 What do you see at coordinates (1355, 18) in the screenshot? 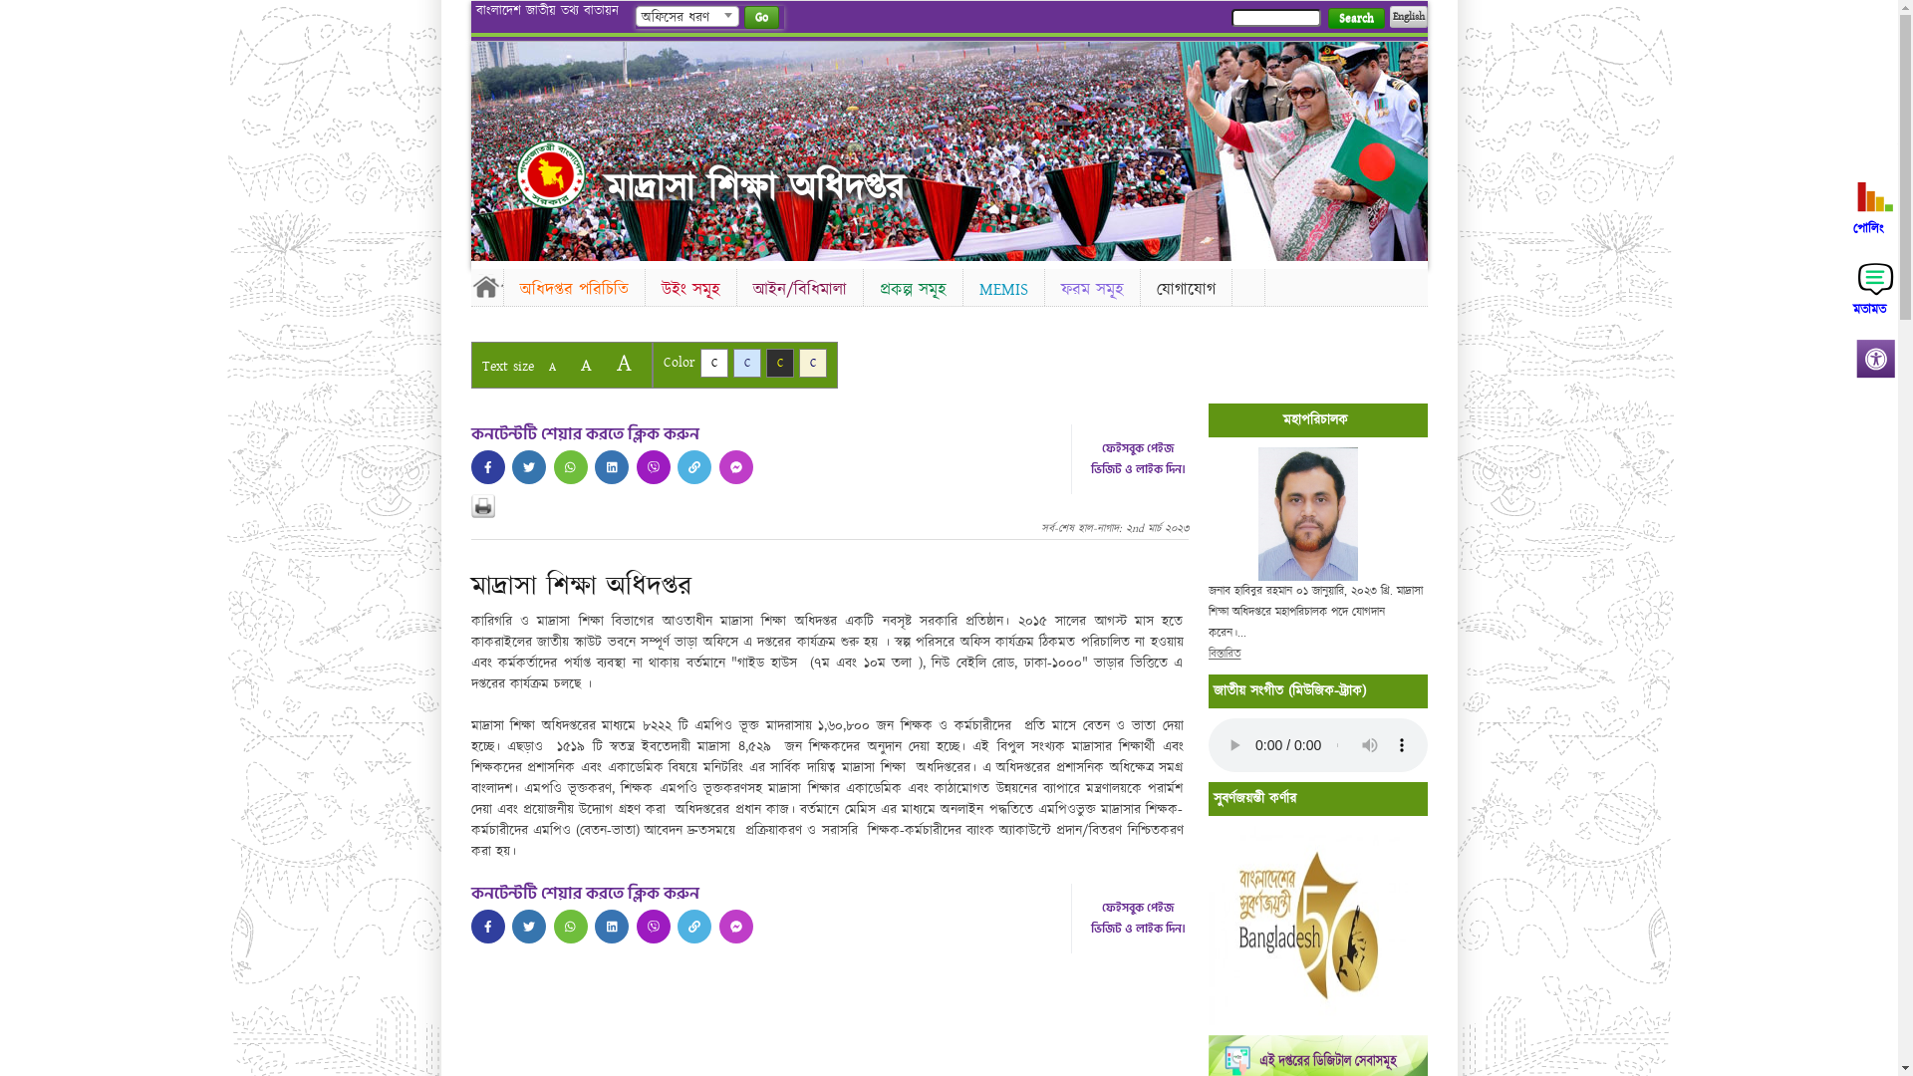
I see `'Search'` at bounding box center [1355, 18].